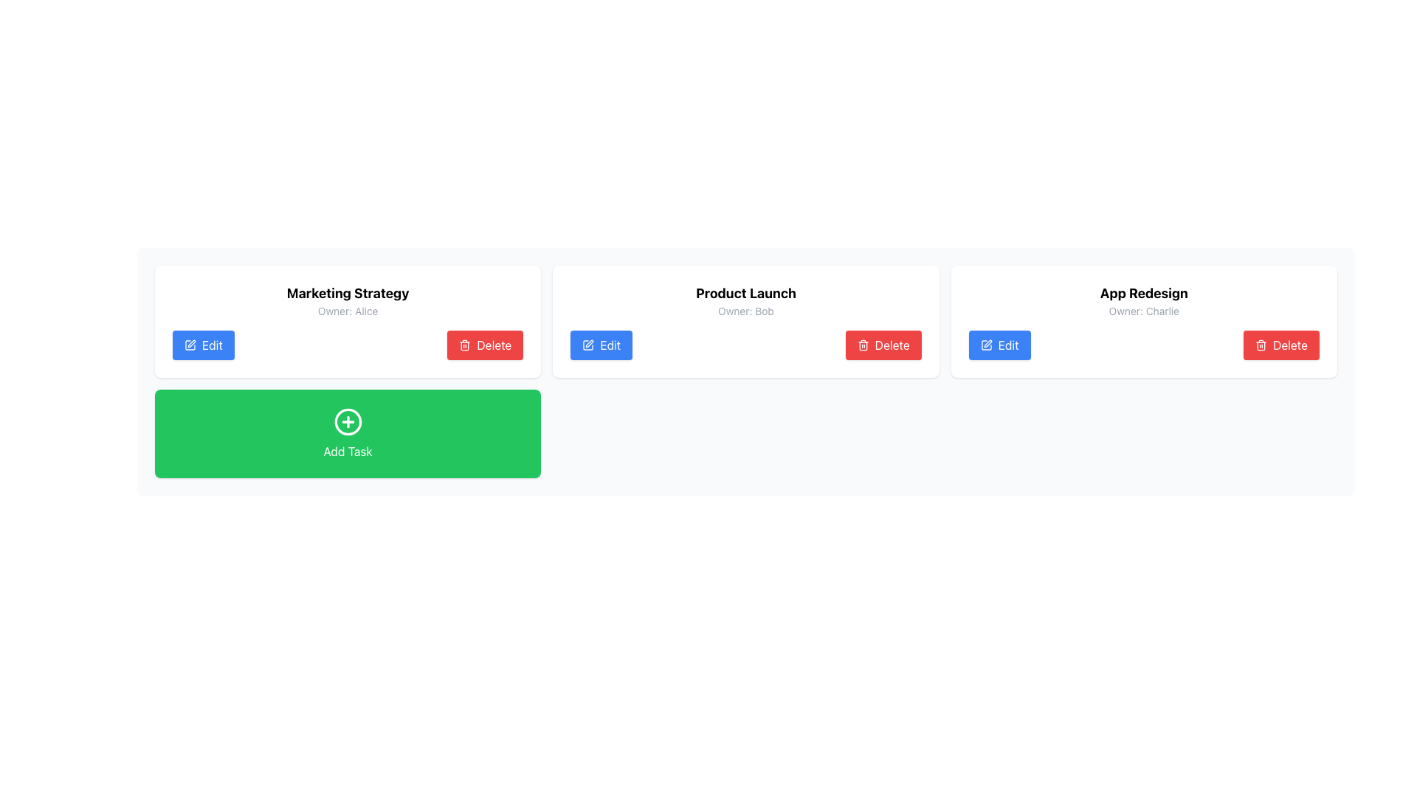  I want to click on the 'Delete' button which contains a small trash icon with a red background and white outlines, located to the left of the 'Delete' text label, so click(1260, 345).